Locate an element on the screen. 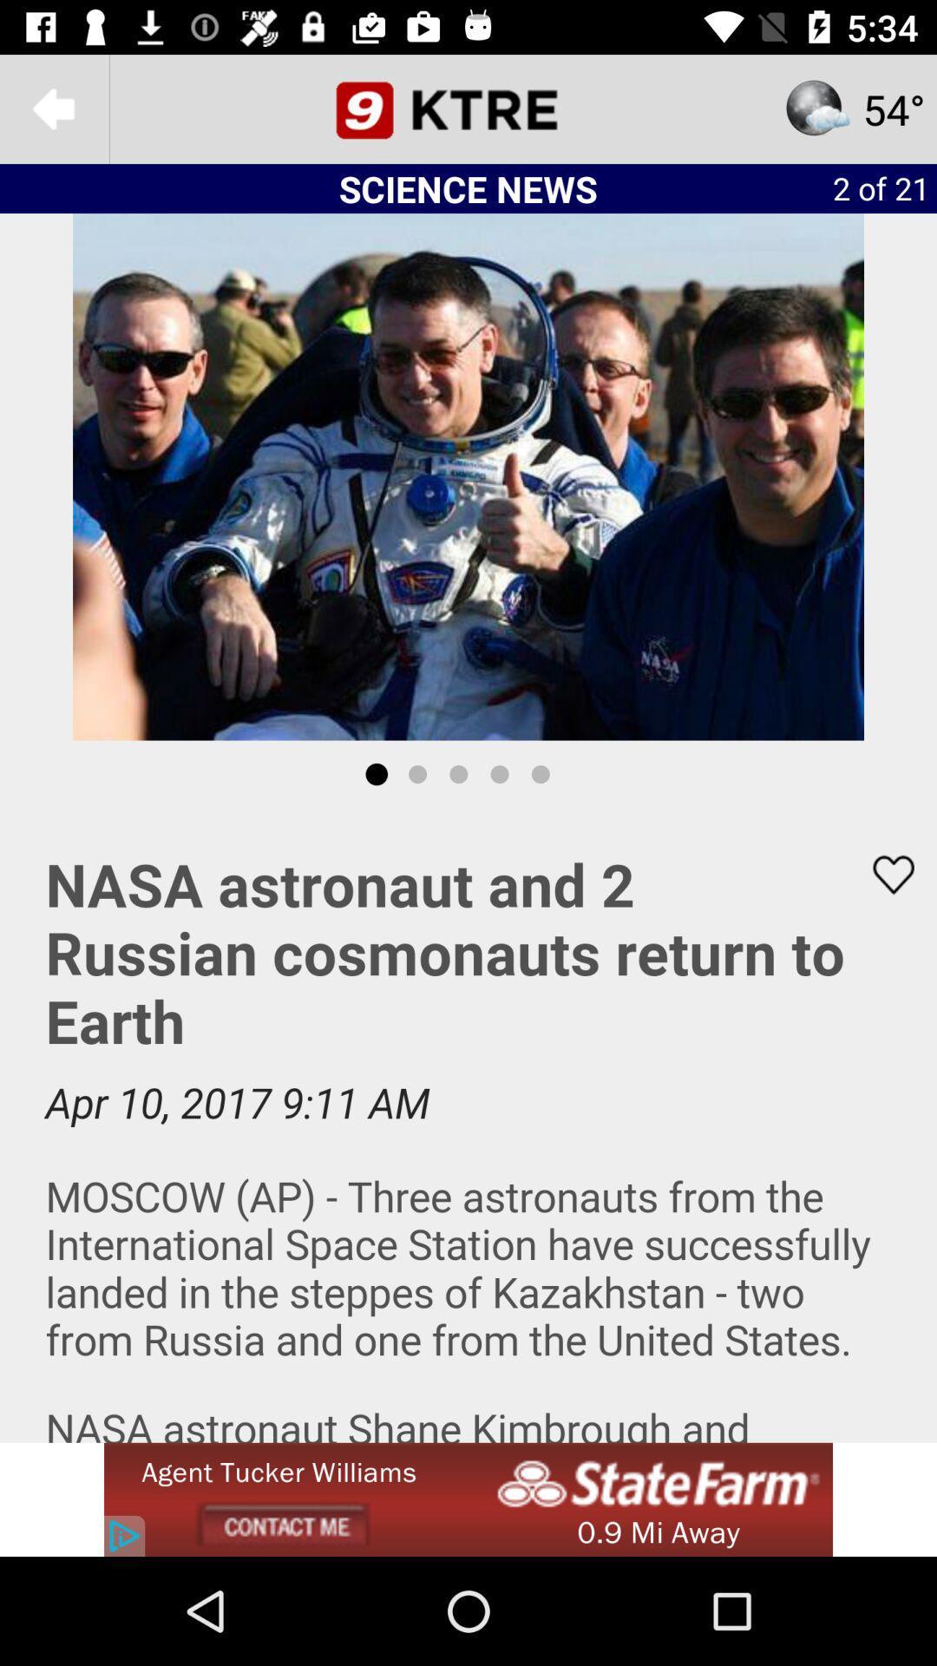 This screenshot has width=937, height=1666. favorites option is located at coordinates (882, 875).